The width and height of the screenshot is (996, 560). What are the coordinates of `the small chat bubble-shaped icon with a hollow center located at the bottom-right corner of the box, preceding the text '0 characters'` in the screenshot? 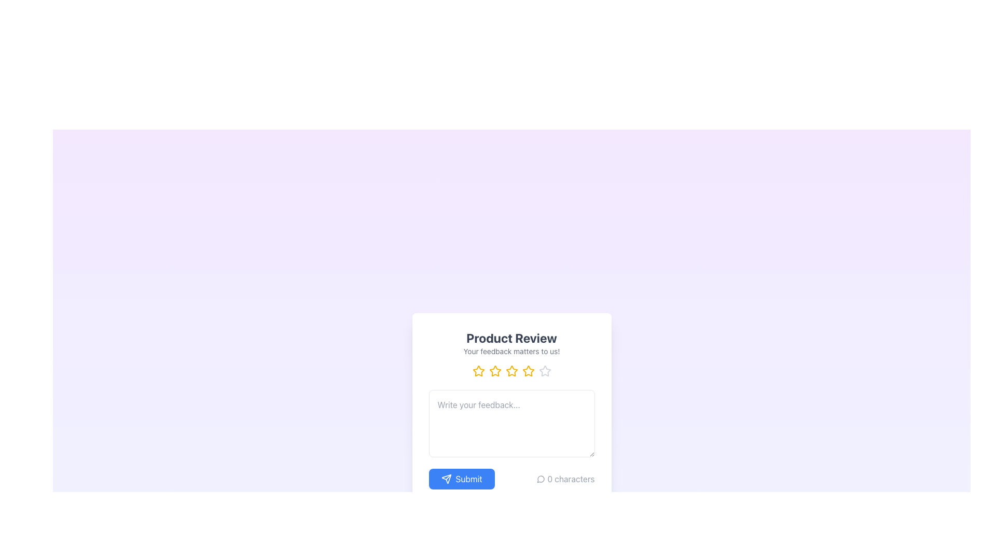 It's located at (541, 479).